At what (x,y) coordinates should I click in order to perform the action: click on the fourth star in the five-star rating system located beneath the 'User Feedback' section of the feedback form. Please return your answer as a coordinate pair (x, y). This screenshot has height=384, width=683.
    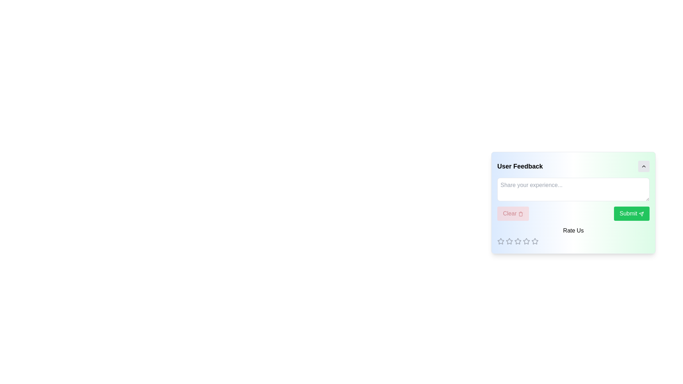
    Looking at the image, I should click on (518, 241).